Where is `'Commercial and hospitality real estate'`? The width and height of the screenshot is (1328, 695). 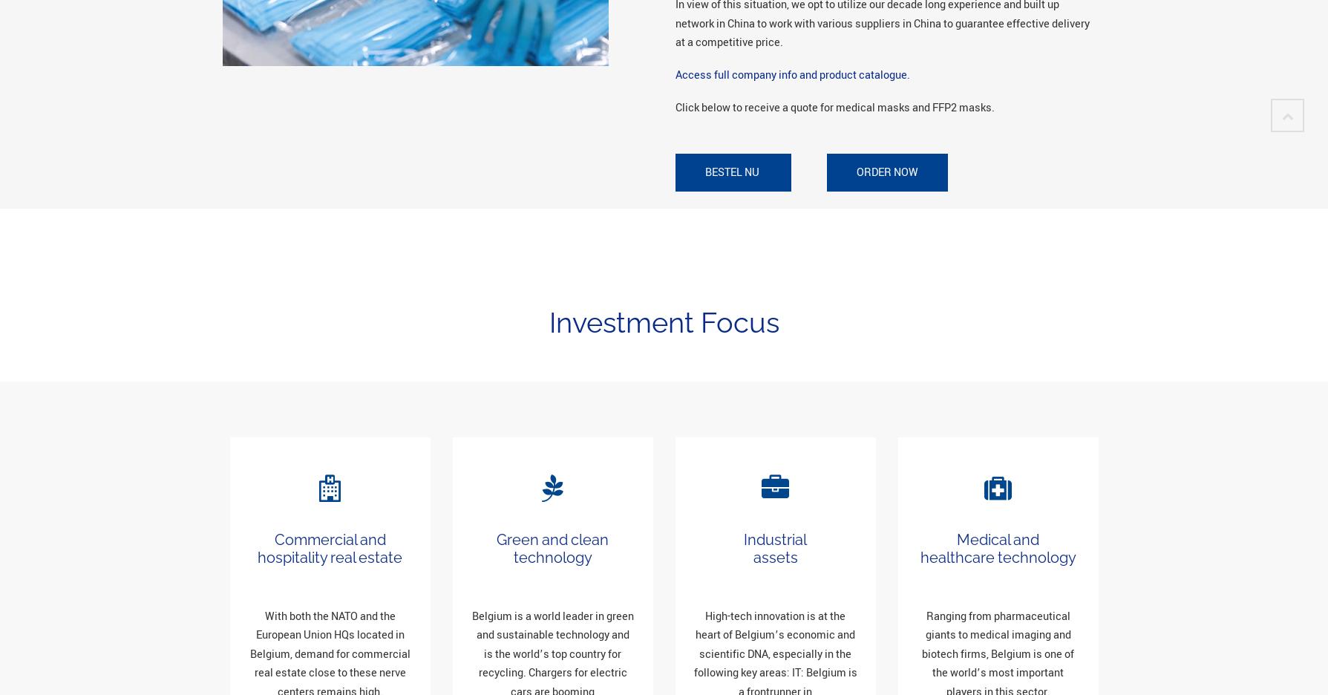 'Commercial and hospitality real estate' is located at coordinates (329, 547).